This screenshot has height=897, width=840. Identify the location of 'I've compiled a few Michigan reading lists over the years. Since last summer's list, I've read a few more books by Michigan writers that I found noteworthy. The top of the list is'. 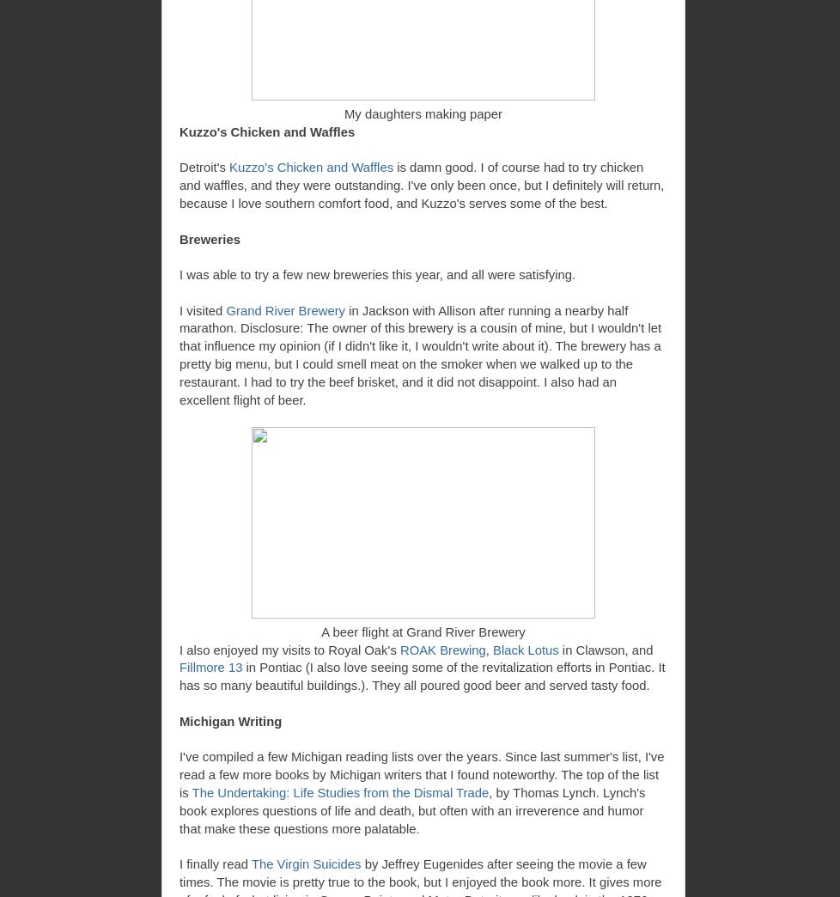
(179, 774).